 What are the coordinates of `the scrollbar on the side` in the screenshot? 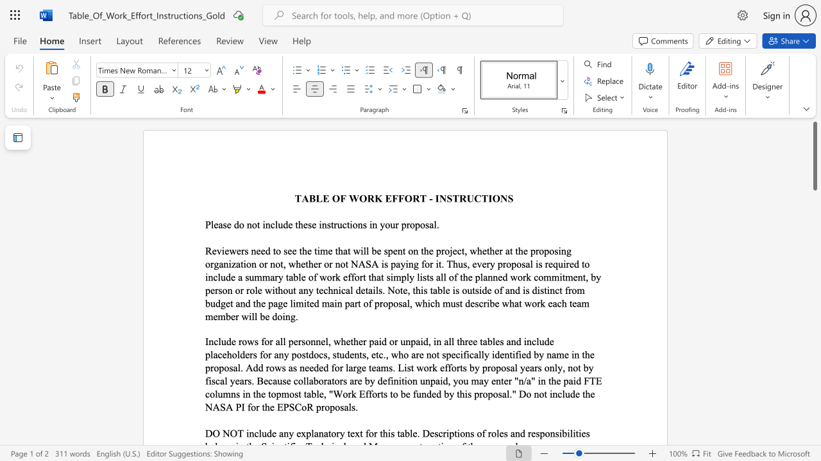 It's located at (814, 371).